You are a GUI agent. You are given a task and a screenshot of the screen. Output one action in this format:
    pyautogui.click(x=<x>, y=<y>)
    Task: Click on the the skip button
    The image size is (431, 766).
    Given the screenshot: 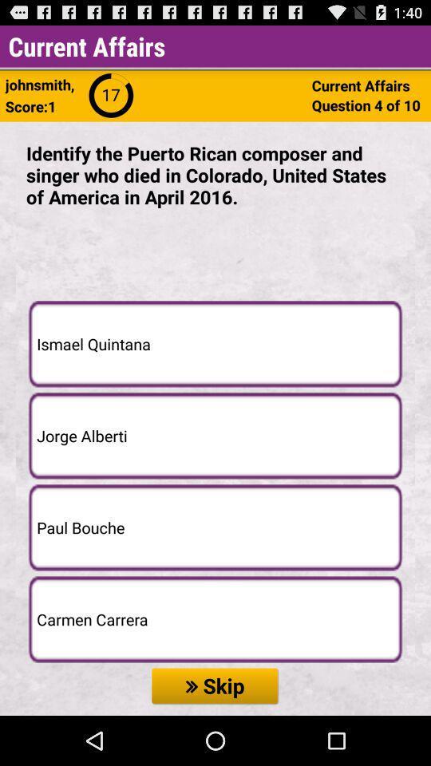 What is the action you would take?
    pyautogui.click(x=215, y=685)
    